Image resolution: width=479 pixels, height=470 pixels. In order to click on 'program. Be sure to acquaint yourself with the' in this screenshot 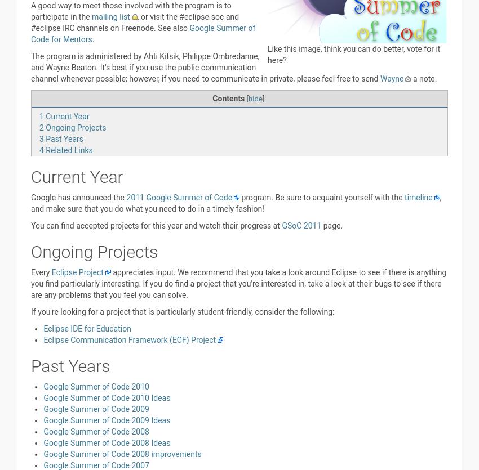, I will do `click(322, 197)`.